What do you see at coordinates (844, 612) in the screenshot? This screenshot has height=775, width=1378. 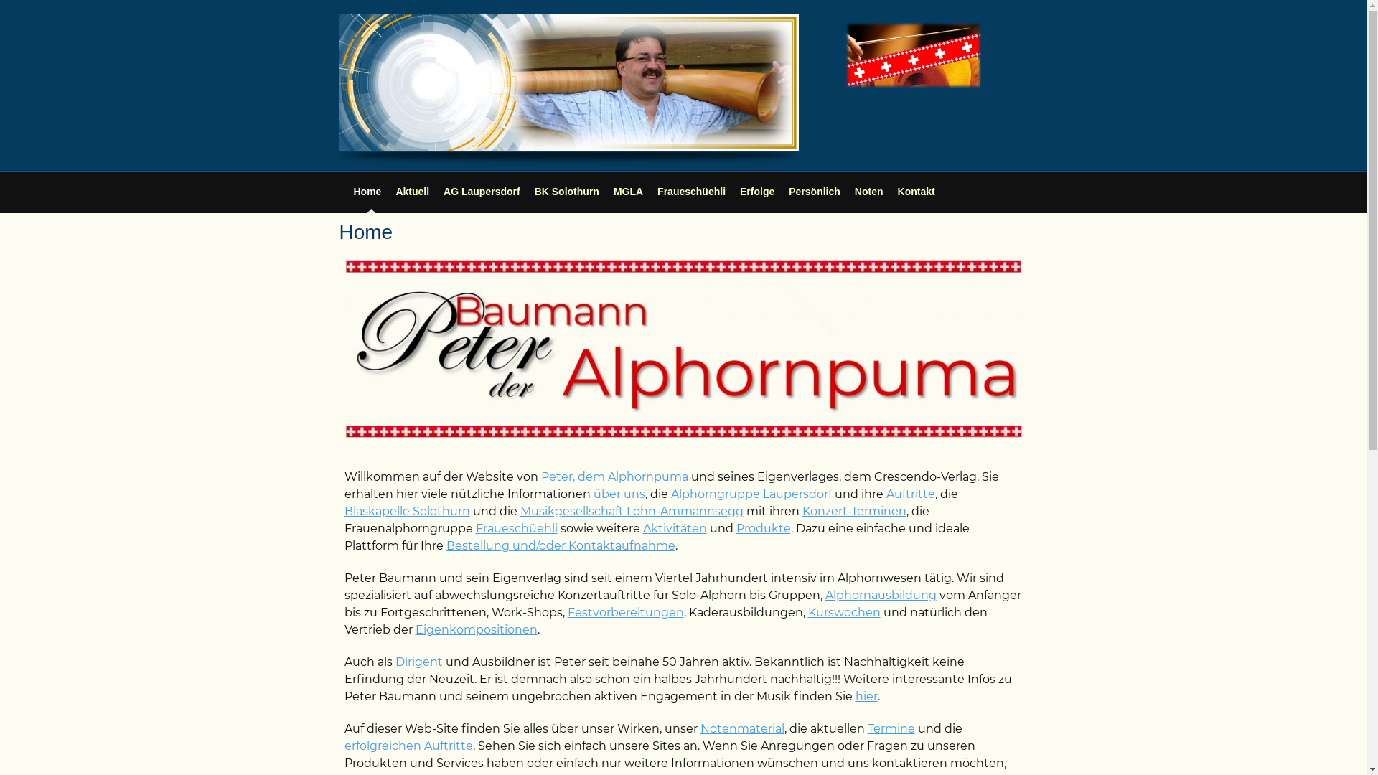 I see `'Kurswochen'` at bounding box center [844, 612].